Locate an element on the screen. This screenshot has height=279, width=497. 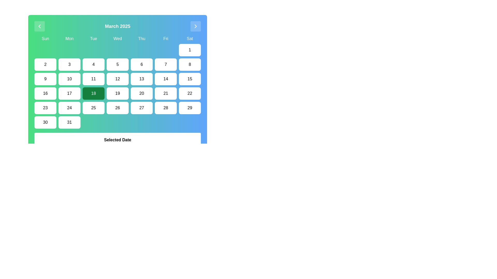
the calendar button for Thursday, March 6, 2025 is located at coordinates (142, 64).